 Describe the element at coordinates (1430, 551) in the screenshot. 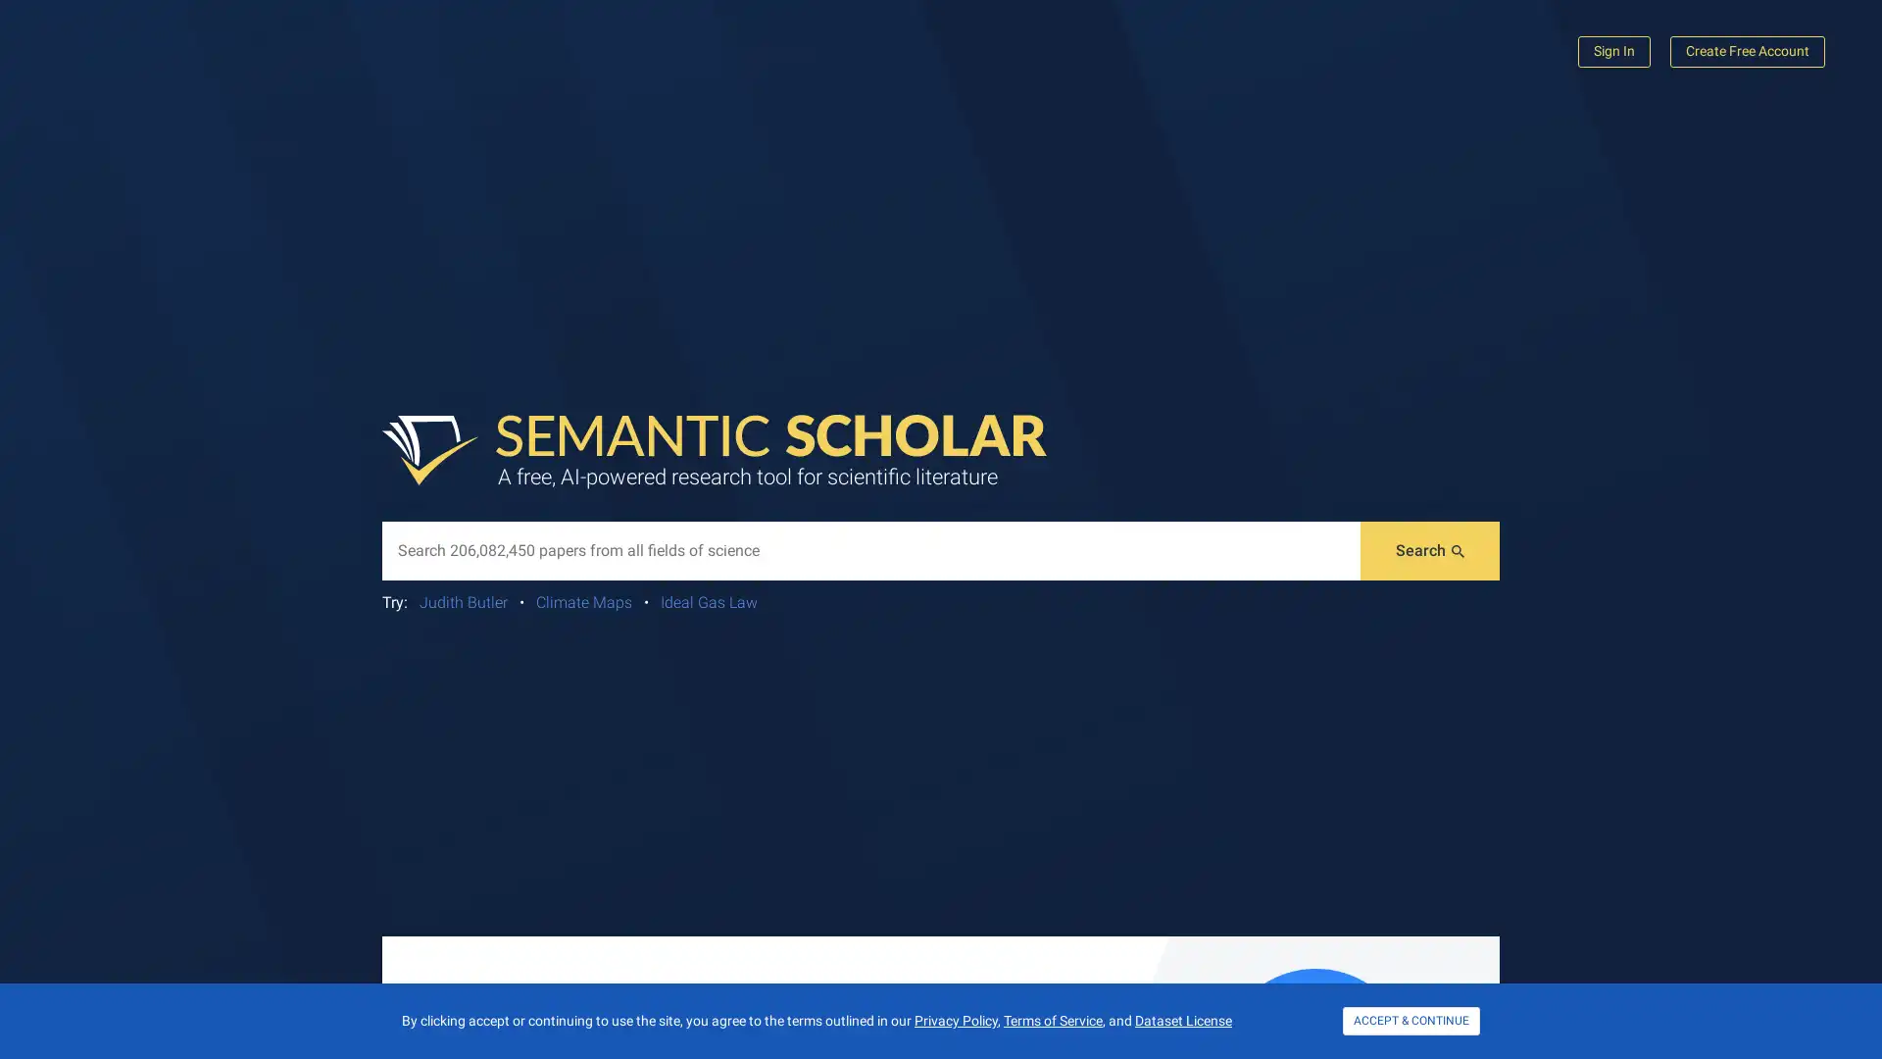

I see `Submit` at that location.